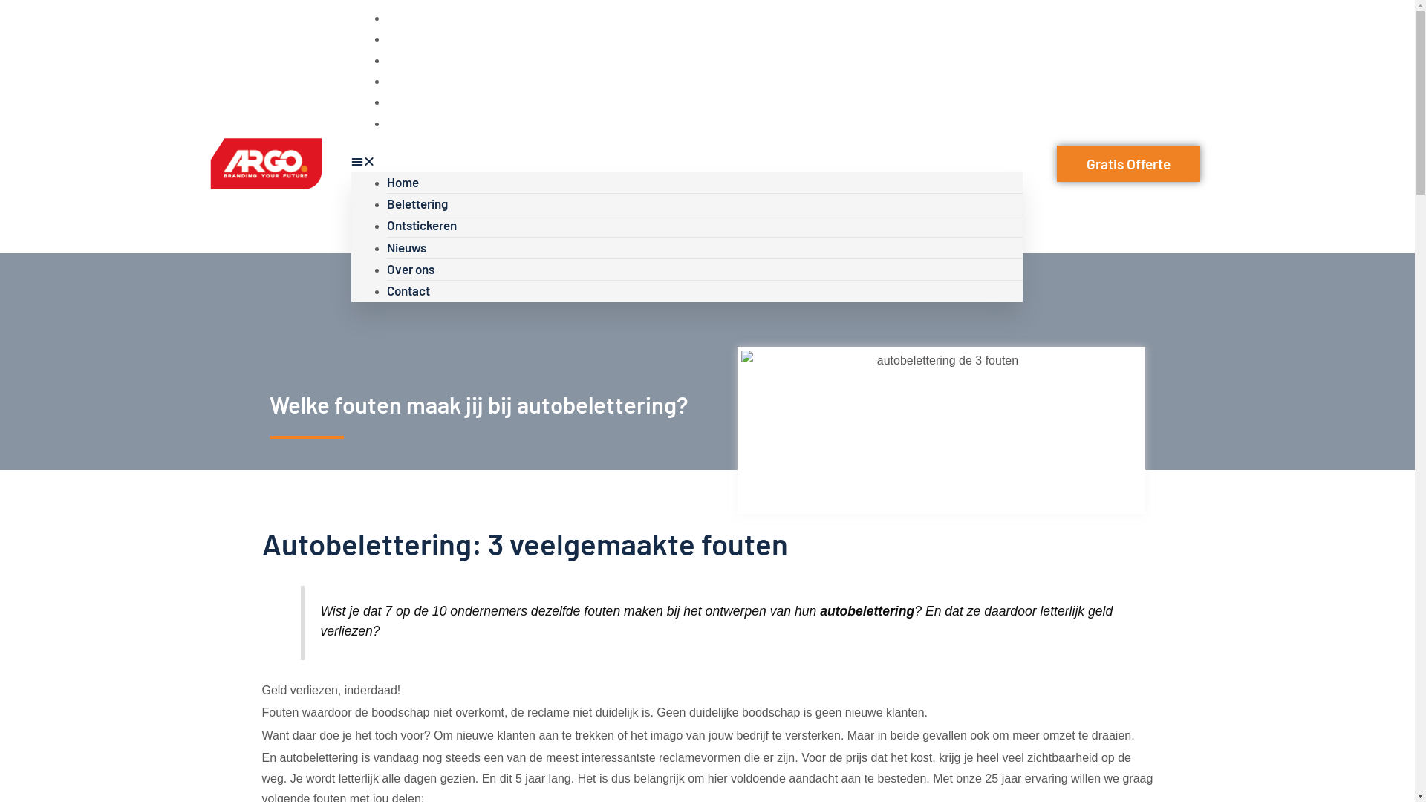 The image size is (1426, 802). What do you see at coordinates (406, 80) in the screenshot?
I see `'Nieuws'` at bounding box center [406, 80].